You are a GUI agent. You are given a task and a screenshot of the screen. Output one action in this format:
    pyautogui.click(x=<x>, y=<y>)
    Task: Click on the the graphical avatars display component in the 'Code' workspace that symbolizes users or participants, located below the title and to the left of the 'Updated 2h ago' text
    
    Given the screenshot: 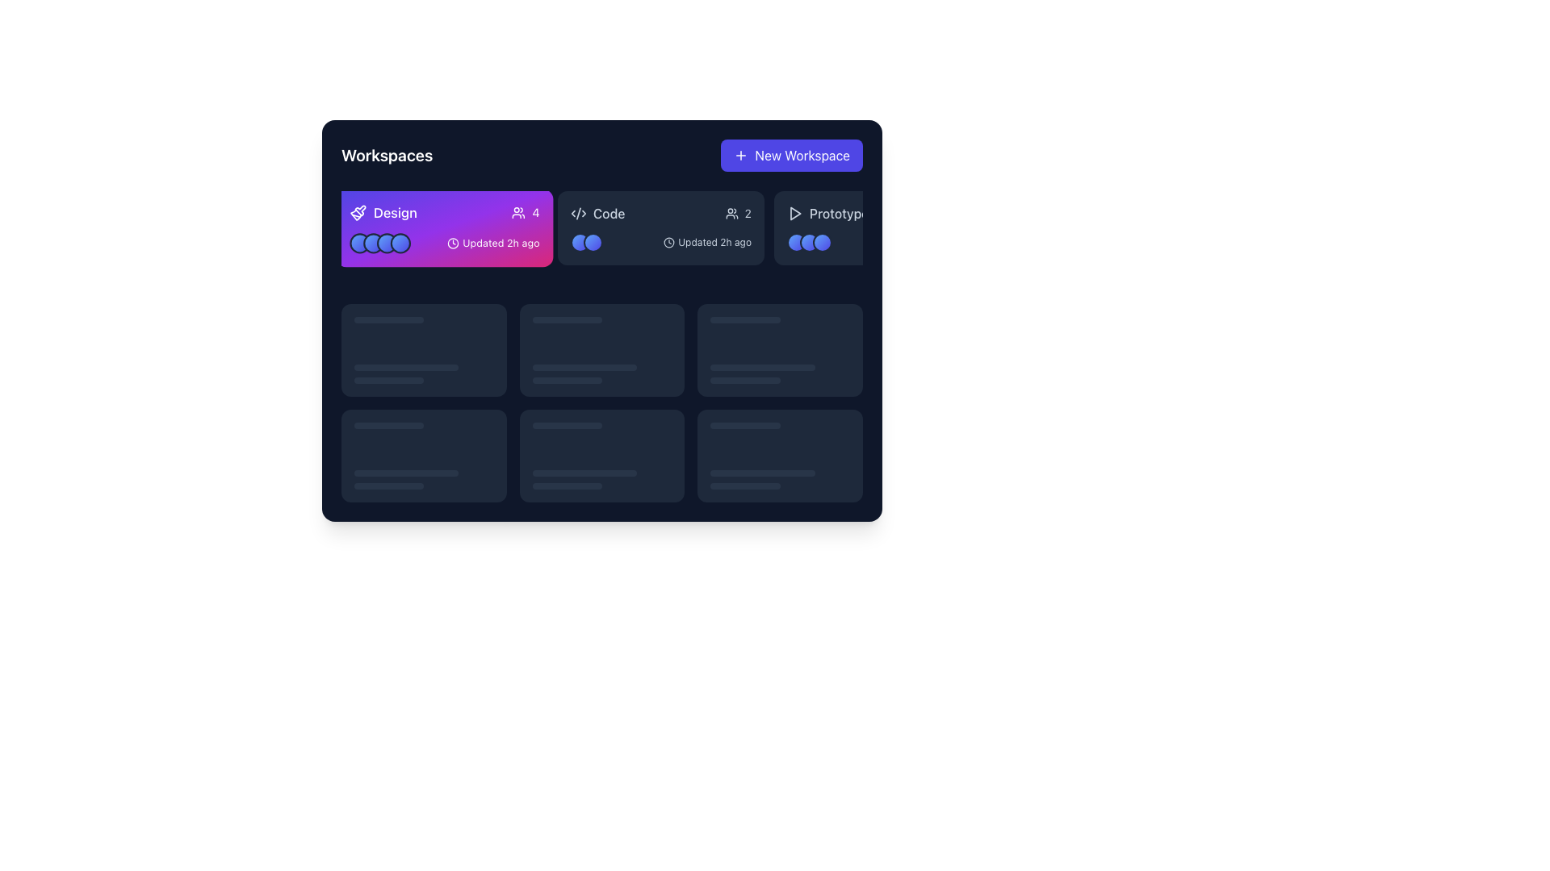 What is the action you would take?
    pyautogui.click(x=585, y=242)
    